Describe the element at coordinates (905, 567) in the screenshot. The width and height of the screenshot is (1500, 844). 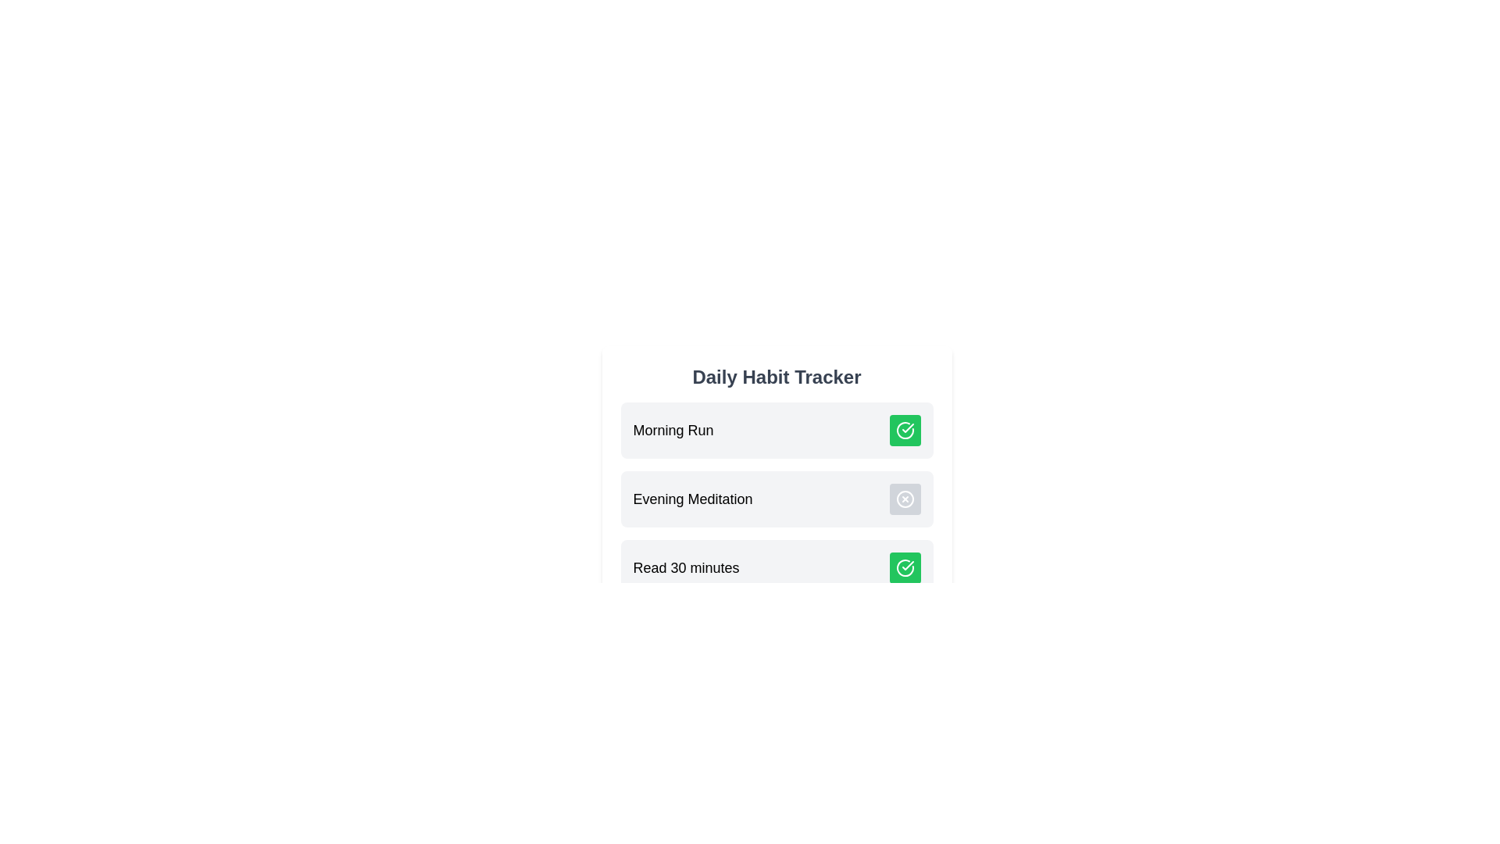
I see `the circular icon with an outlined checkmark symbol, which is enclosed in a green circular button, located to the far right of the 'Read 30 minutes' text block in the bottom-most row of the vertically aligned list` at that location.